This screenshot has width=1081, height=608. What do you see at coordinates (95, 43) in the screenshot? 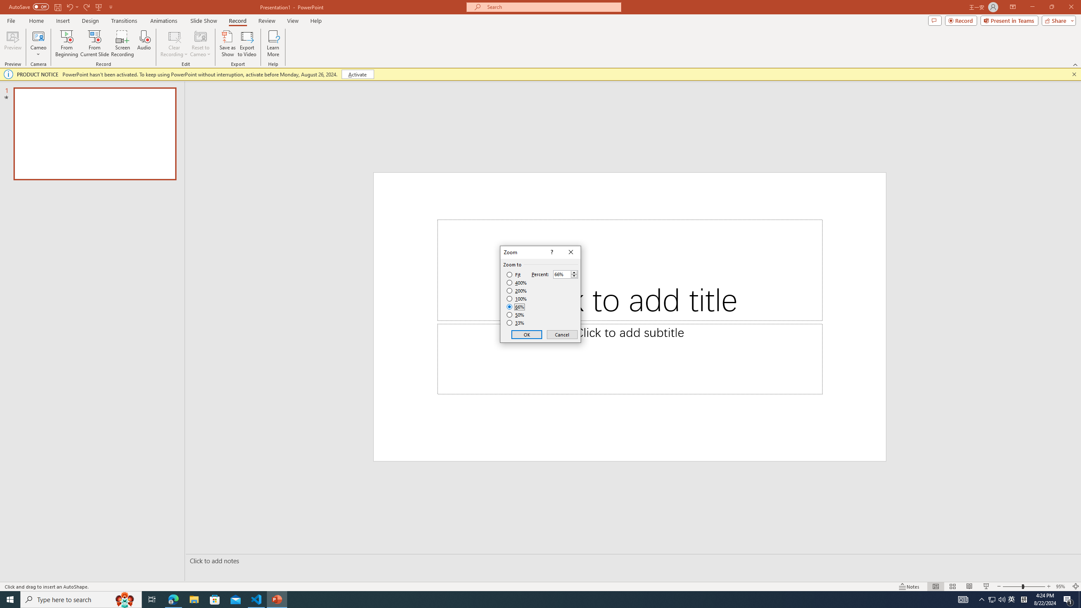
I see `'From Current Slide...'` at bounding box center [95, 43].